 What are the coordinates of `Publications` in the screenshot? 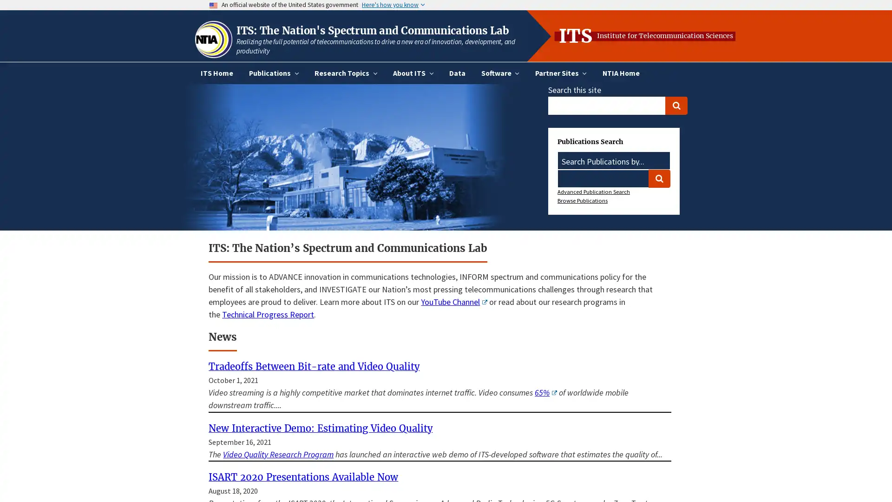 It's located at (273, 73).